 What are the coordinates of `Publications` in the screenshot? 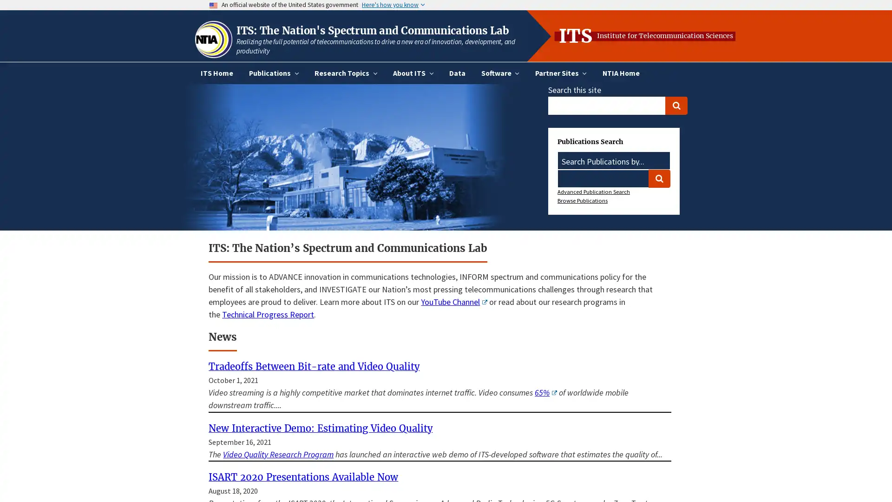 It's located at (273, 73).